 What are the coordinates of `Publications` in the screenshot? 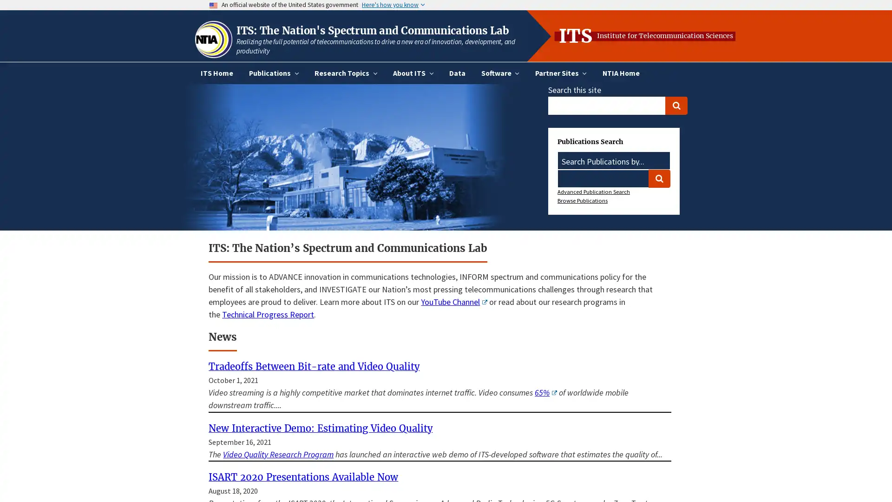 It's located at (273, 73).